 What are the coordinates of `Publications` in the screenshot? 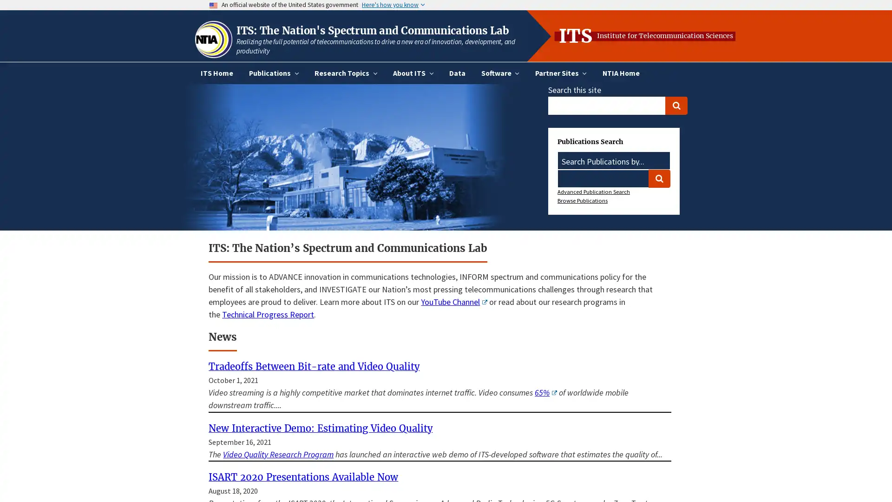 It's located at (273, 73).